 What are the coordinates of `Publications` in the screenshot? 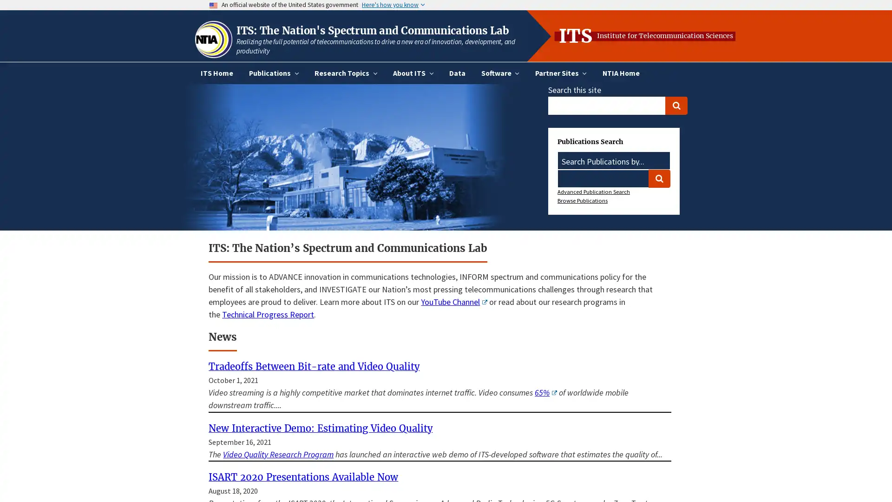 It's located at (273, 73).